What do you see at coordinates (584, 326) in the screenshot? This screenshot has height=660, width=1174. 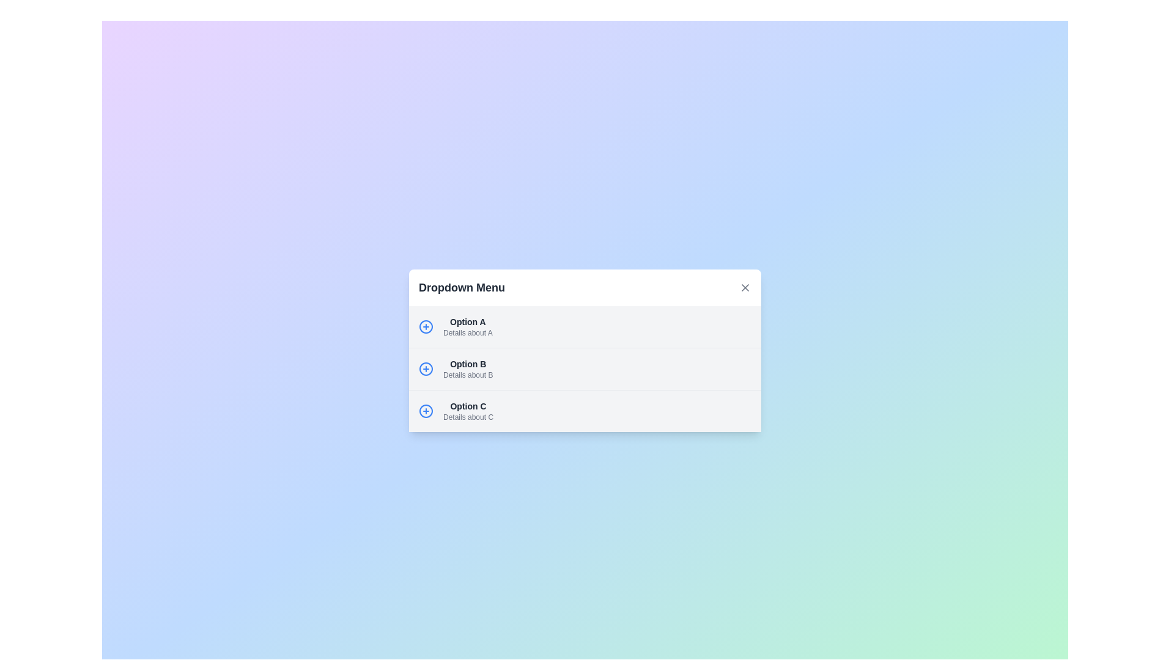 I see `the first list item labeled 'Option A' in the dropdown menu, which provides additional details about this option` at bounding box center [584, 326].